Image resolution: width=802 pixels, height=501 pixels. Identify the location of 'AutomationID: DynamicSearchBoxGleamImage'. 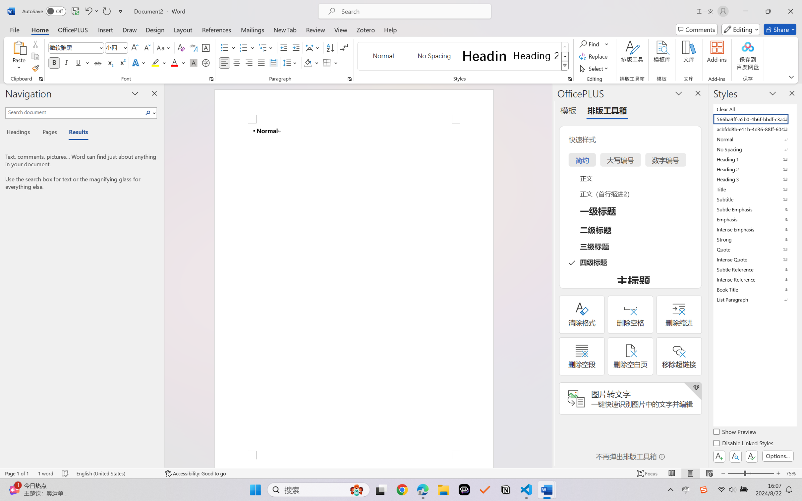
(357, 490).